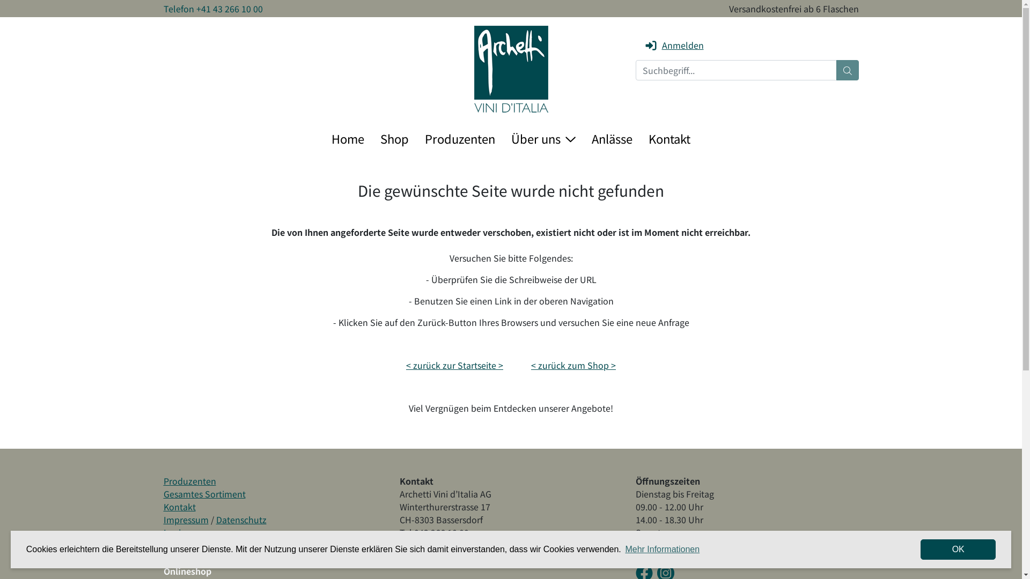 Image resolution: width=1030 pixels, height=579 pixels. What do you see at coordinates (179, 507) in the screenshot?
I see `'Kontakt'` at bounding box center [179, 507].